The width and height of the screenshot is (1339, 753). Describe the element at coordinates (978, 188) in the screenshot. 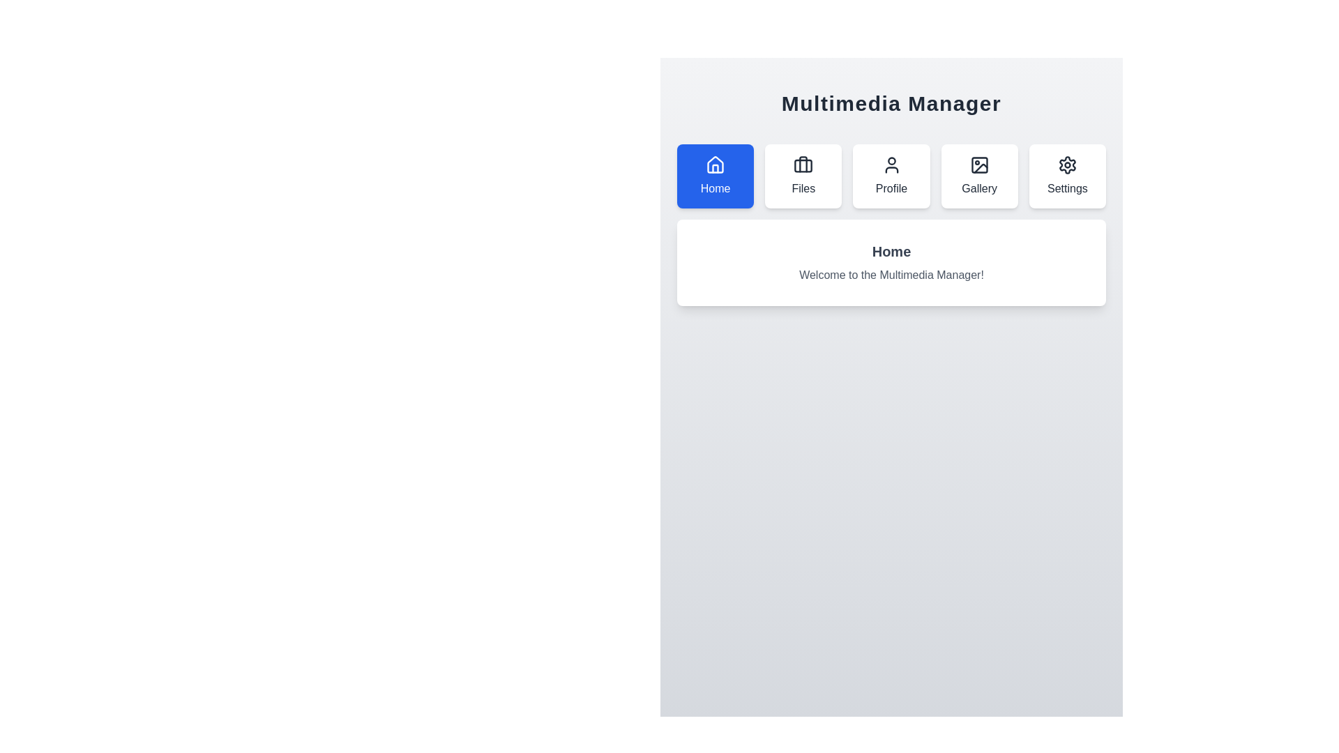

I see `text content of the navigation button label located in the top navigation section, which is the fourth option from the left and contains an icon above the text` at that location.